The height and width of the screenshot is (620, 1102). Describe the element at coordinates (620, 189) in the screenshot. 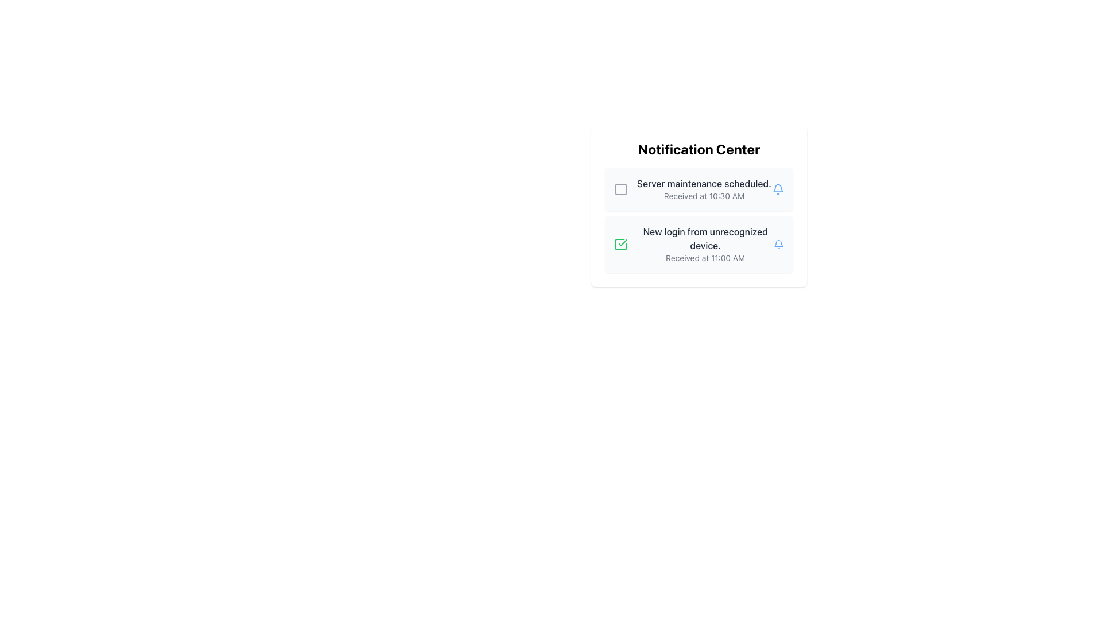

I see `the square-shaped icon indicating 'Server maintenance scheduled at 10:30 AM', which is the first icon in the notification list, positioned to the left of the notification text` at that location.